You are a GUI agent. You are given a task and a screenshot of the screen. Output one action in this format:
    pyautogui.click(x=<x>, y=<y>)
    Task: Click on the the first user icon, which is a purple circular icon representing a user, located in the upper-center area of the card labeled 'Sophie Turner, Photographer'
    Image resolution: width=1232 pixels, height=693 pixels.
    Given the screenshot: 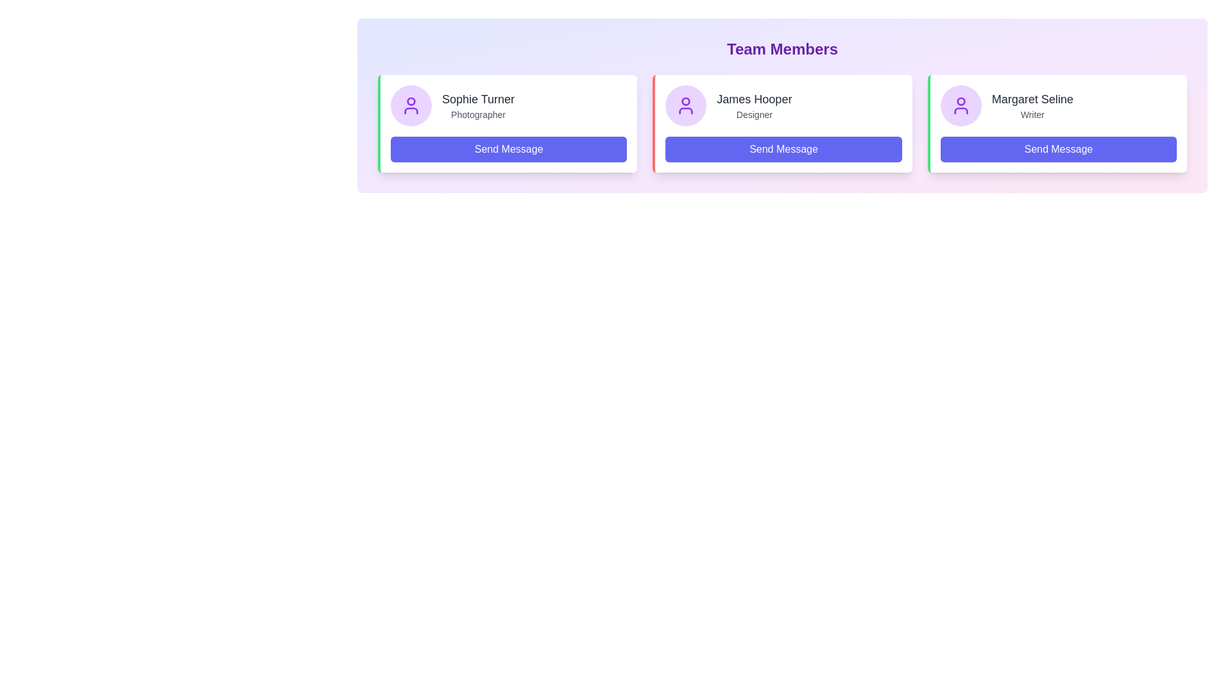 What is the action you would take?
    pyautogui.click(x=411, y=105)
    